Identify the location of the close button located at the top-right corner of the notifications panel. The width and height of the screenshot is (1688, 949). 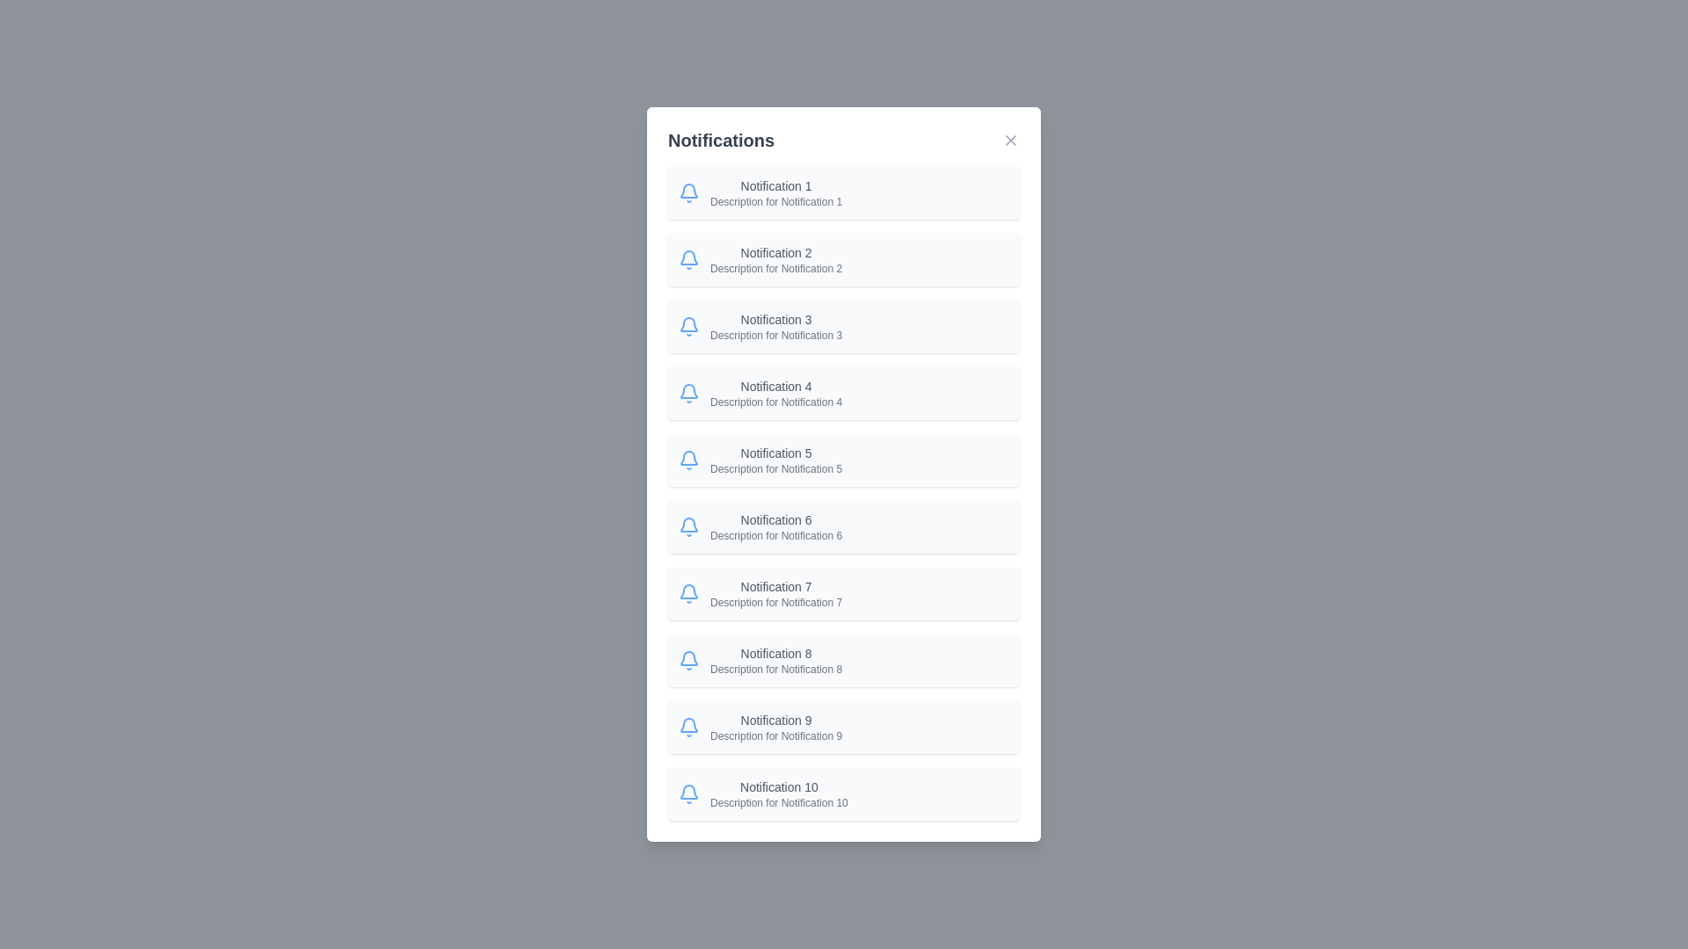
(1011, 139).